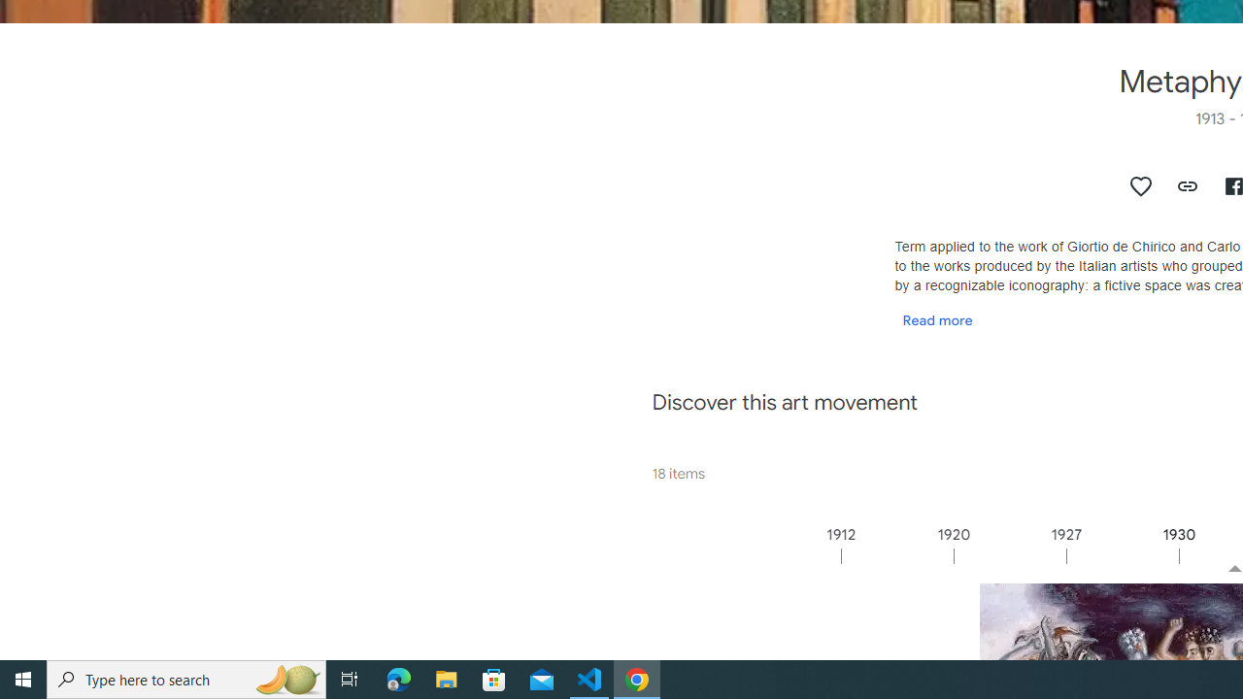 This screenshot has width=1243, height=699. Describe the element at coordinates (937, 318) in the screenshot. I see `'Read more'` at that location.